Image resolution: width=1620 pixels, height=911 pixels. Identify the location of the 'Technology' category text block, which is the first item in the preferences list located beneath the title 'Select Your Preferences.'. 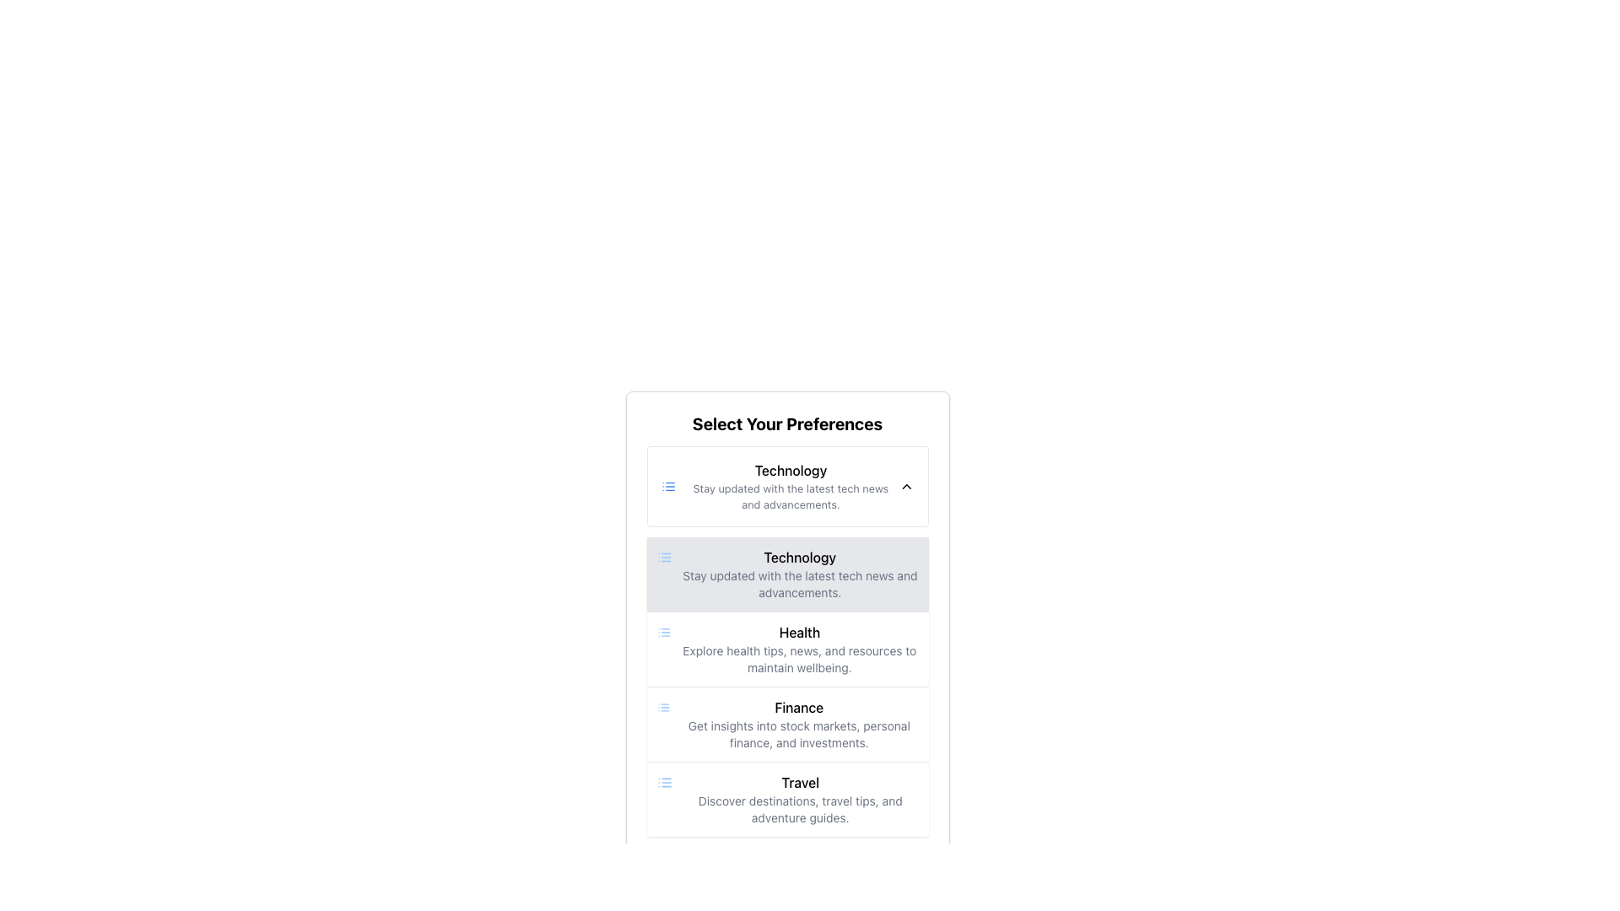
(790, 487).